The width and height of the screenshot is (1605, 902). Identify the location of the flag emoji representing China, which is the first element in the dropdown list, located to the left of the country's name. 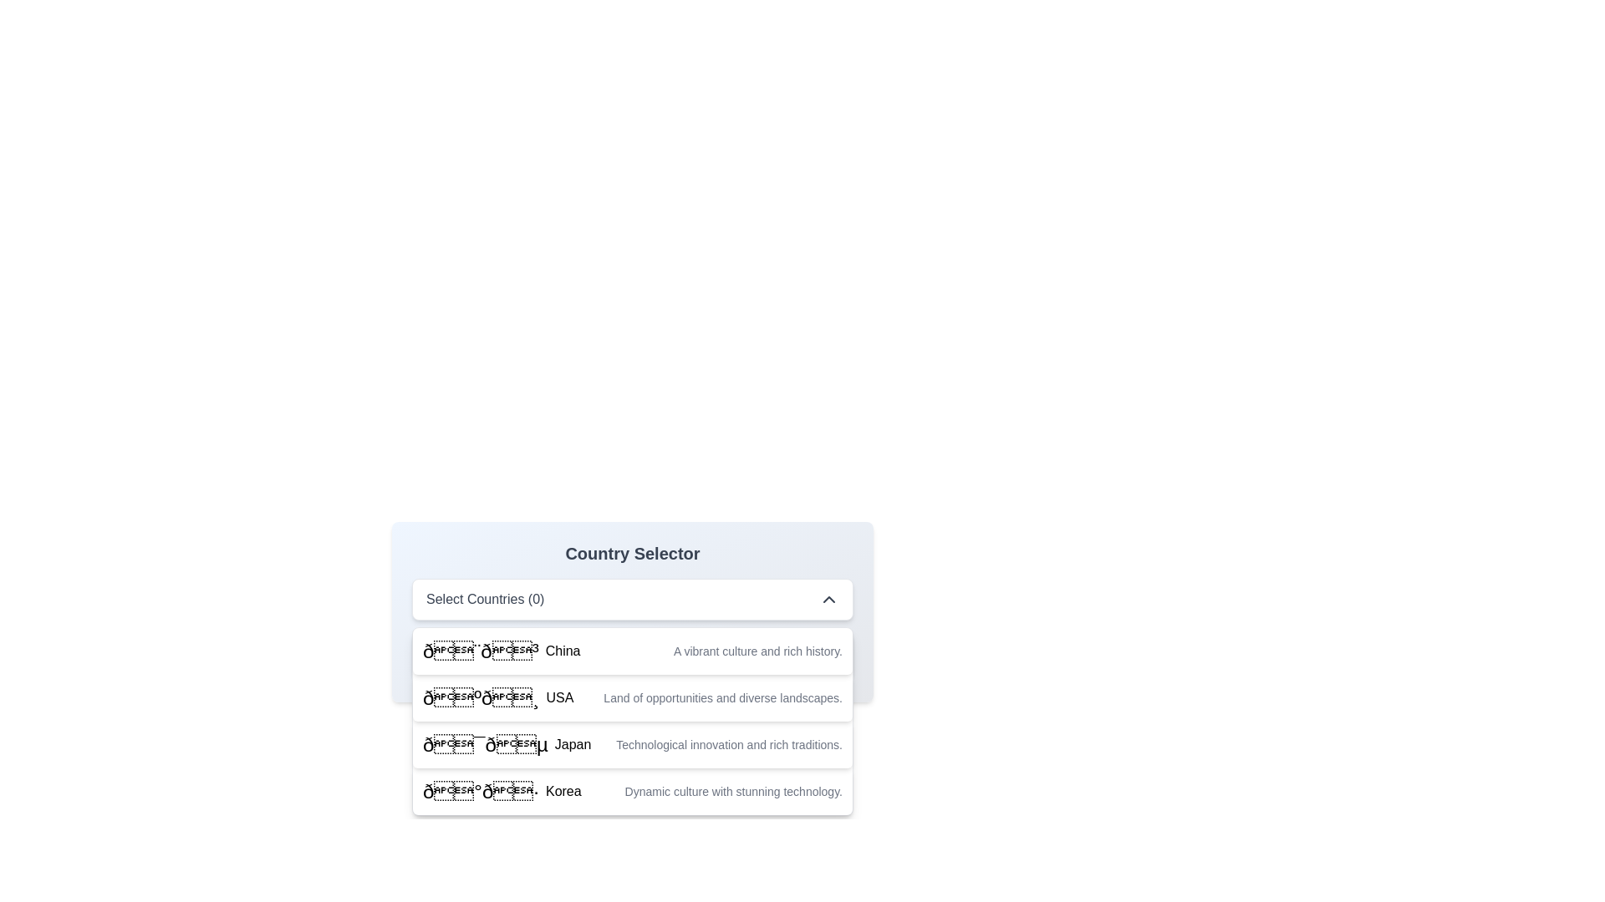
(480, 650).